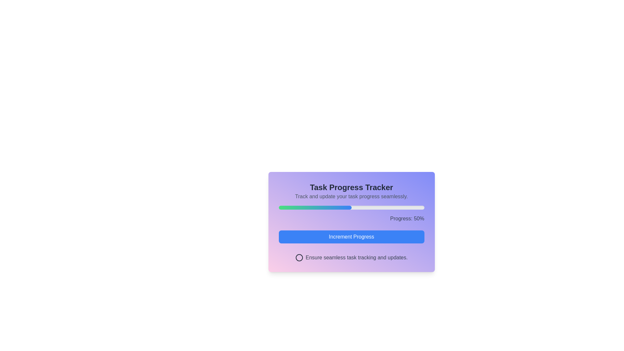  What do you see at coordinates (299, 257) in the screenshot?
I see `the circular SVG icon with a dark border that is positioned before the text 'Ensure seamless task tracking and updates.'` at bounding box center [299, 257].